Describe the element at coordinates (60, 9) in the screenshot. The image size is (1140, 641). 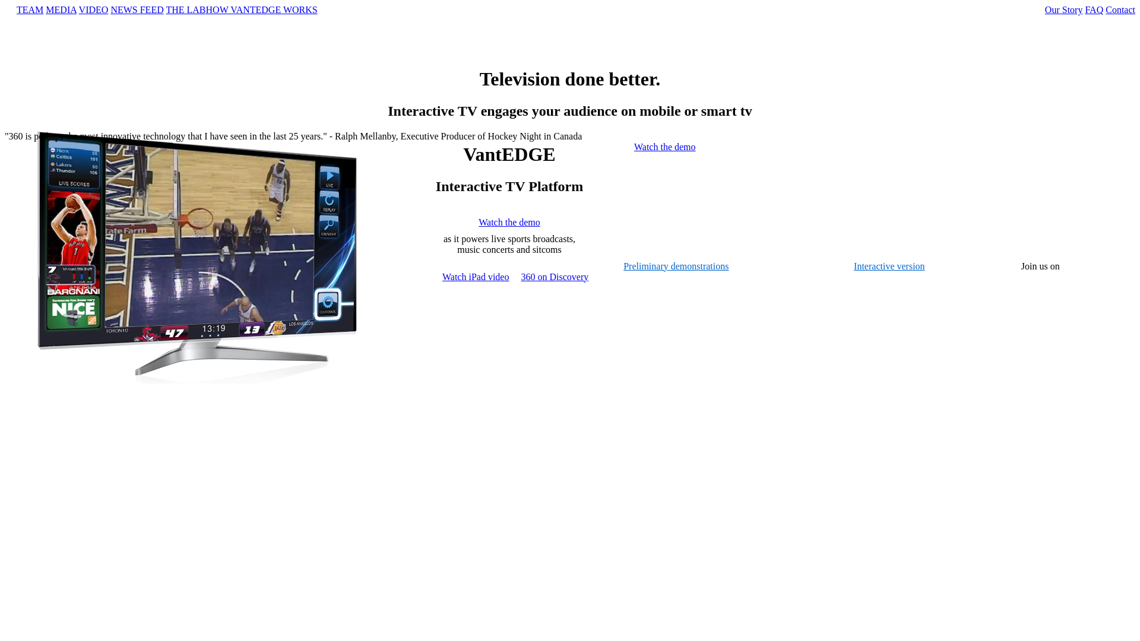
I see `'MEDIA'` at that location.